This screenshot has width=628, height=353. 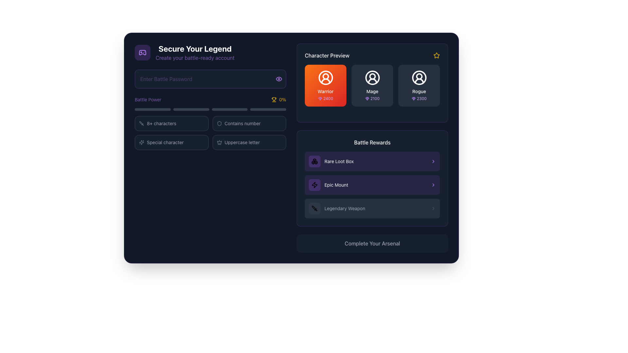 I want to click on the gem icon representing the reward or score for the 'Rogue' character, located to the left of the text '2300' in the 'Character Preview' section, so click(x=413, y=98).